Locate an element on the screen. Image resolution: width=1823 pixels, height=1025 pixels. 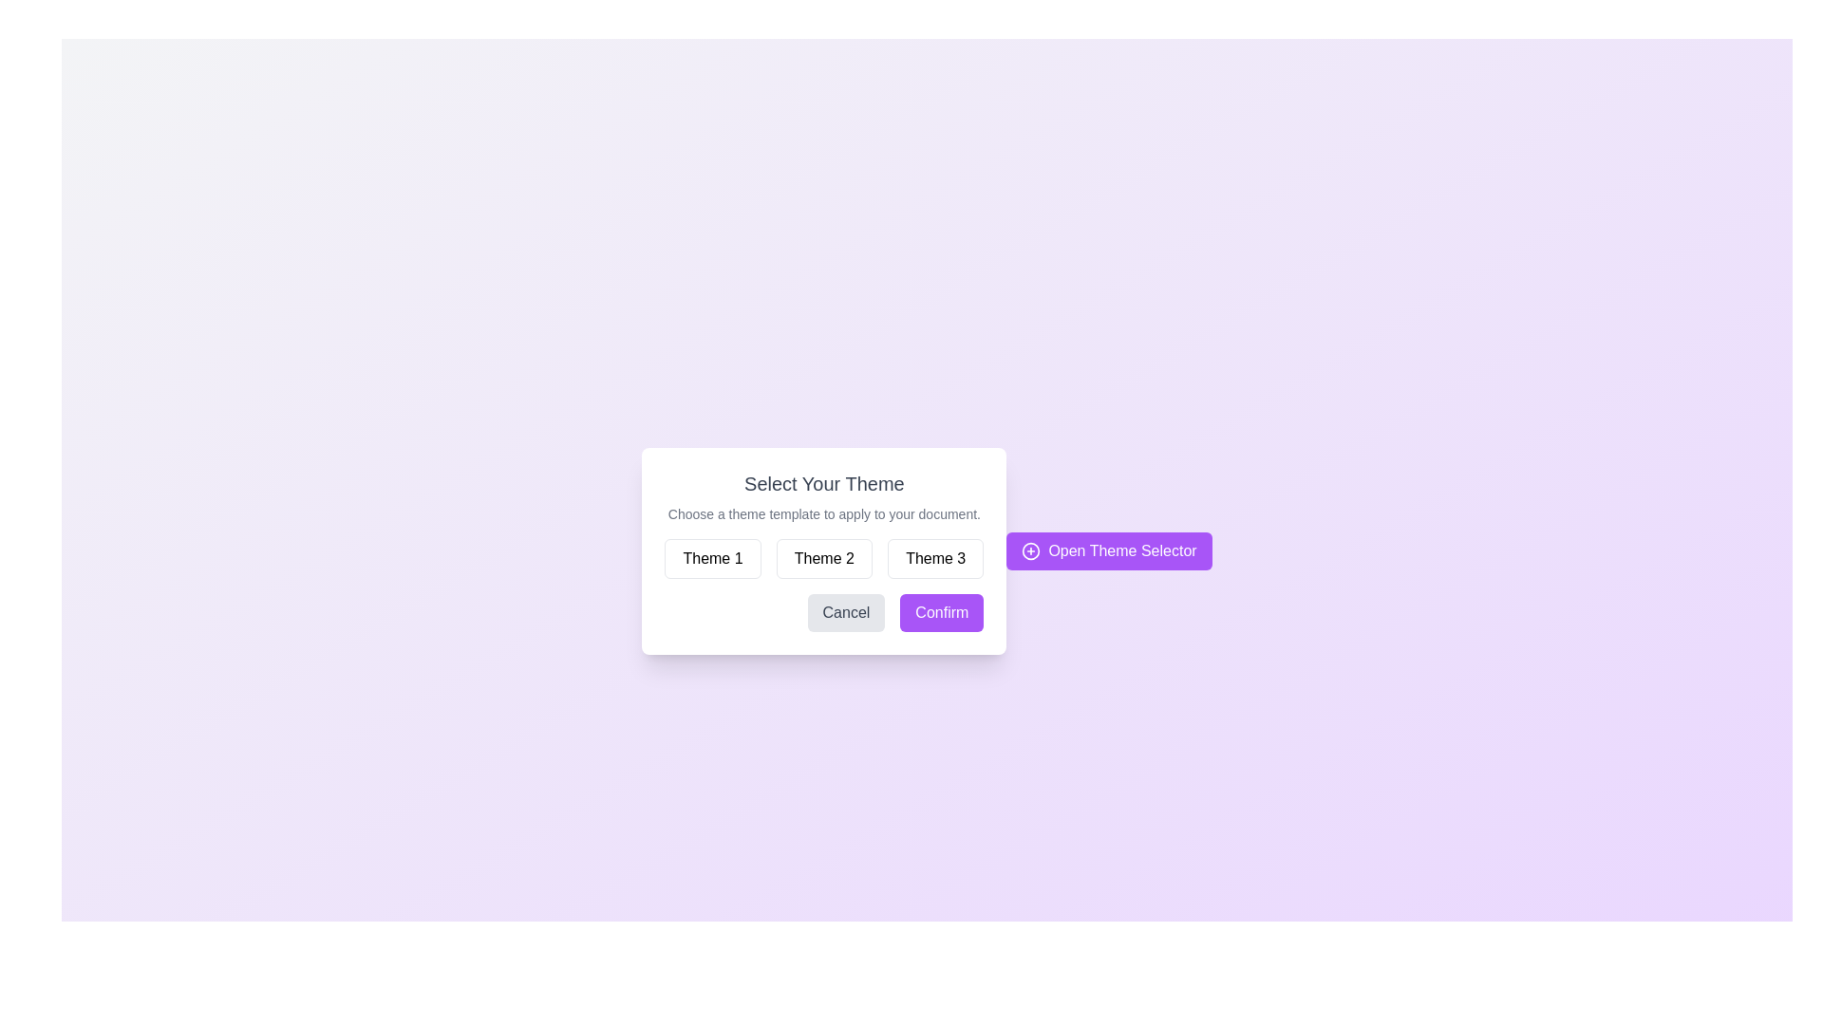
the circular icon with a plus symbol, located to the left of the 'Open Theme Selector' button is located at coordinates (1030, 551).